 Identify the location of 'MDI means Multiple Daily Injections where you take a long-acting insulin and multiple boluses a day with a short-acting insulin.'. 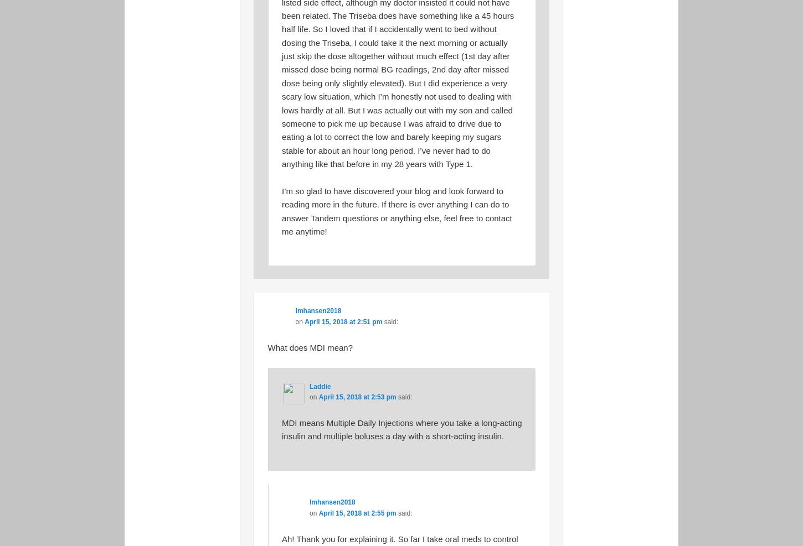
(401, 429).